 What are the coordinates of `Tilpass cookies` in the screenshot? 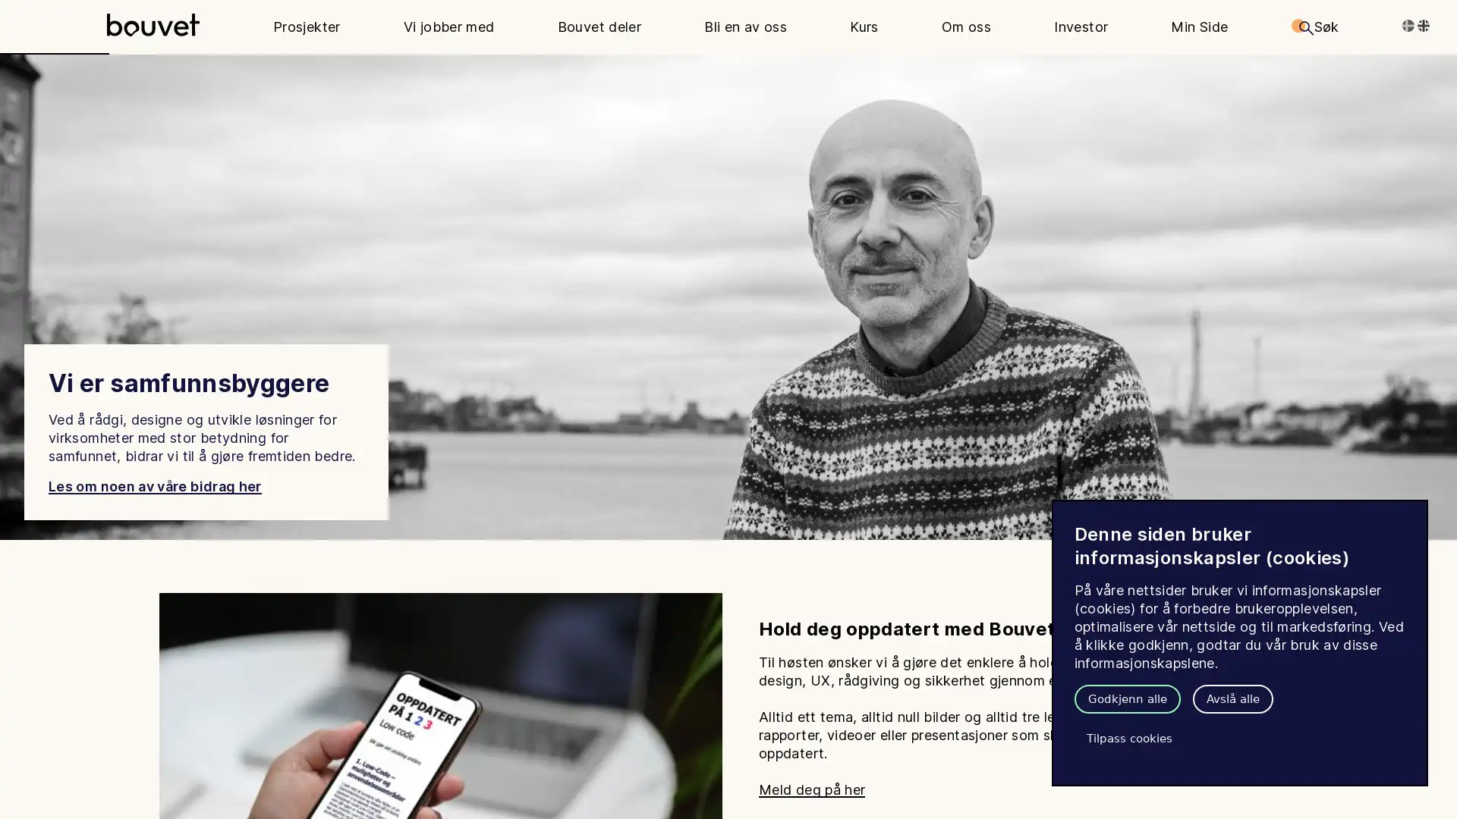 It's located at (1128, 736).